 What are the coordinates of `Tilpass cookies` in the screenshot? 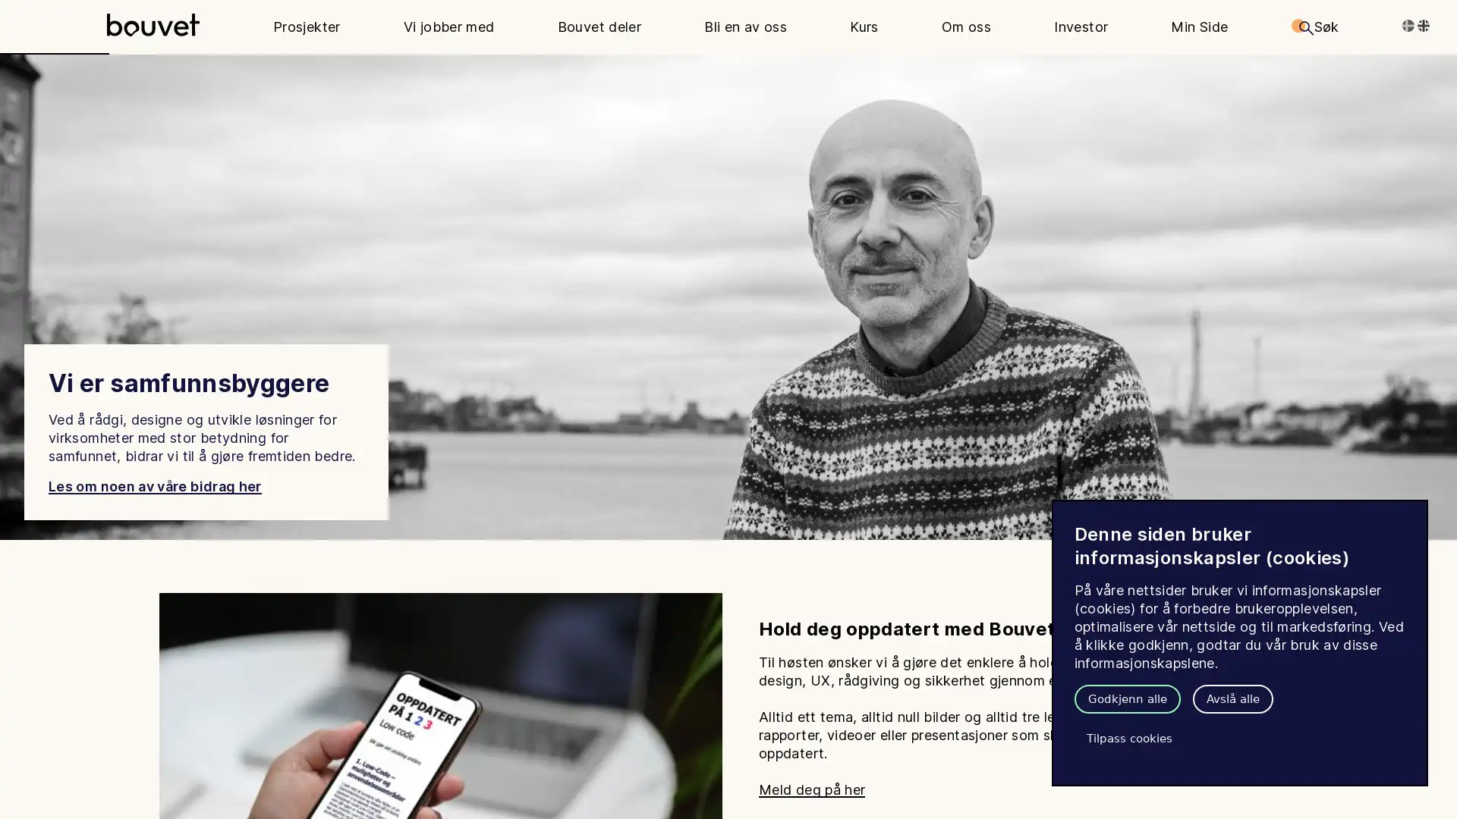 It's located at (1128, 736).